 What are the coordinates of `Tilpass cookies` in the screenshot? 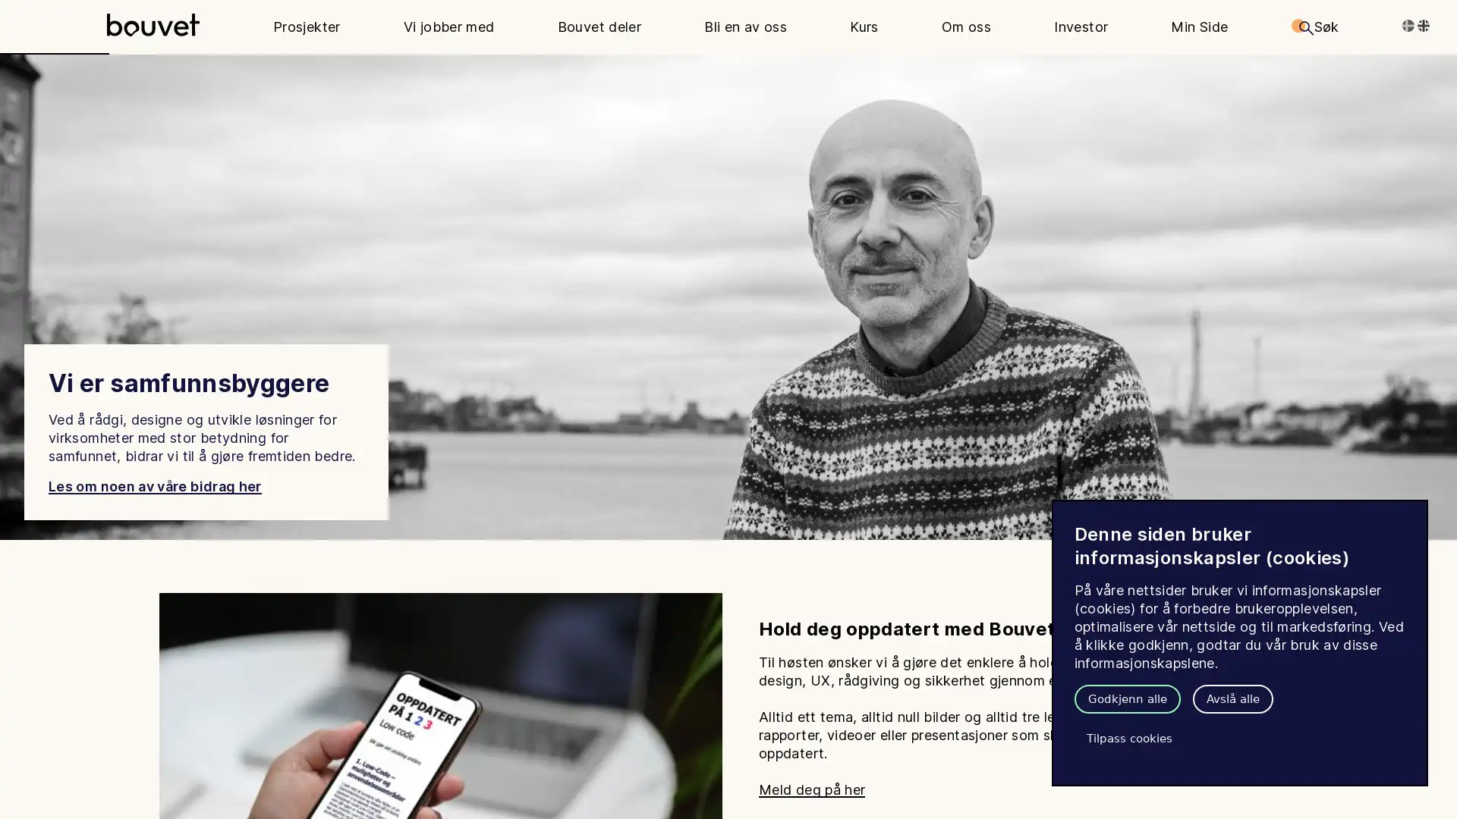 It's located at (1128, 736).